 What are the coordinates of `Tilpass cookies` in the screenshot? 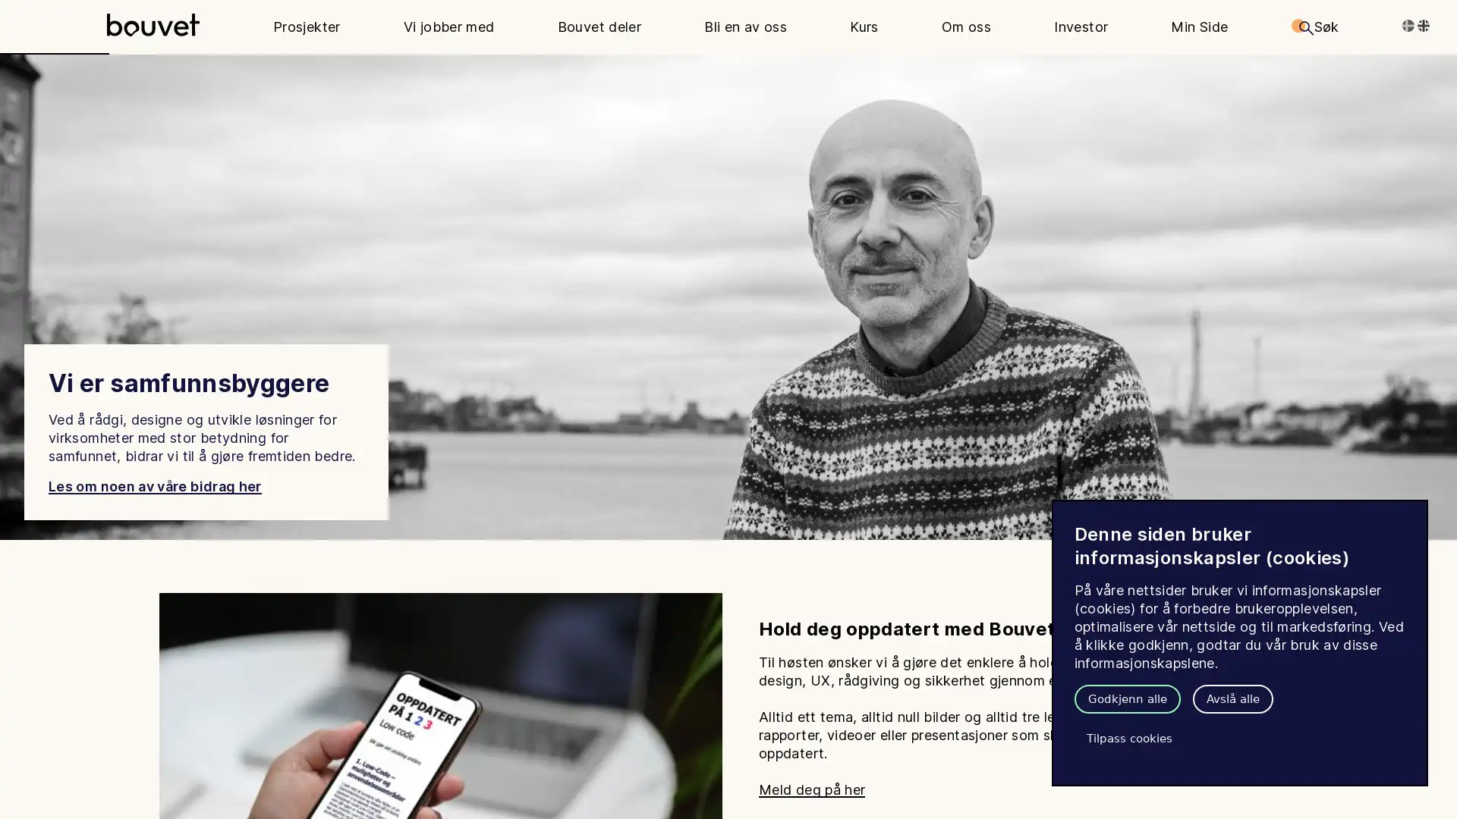 It's located at (1128, 736).